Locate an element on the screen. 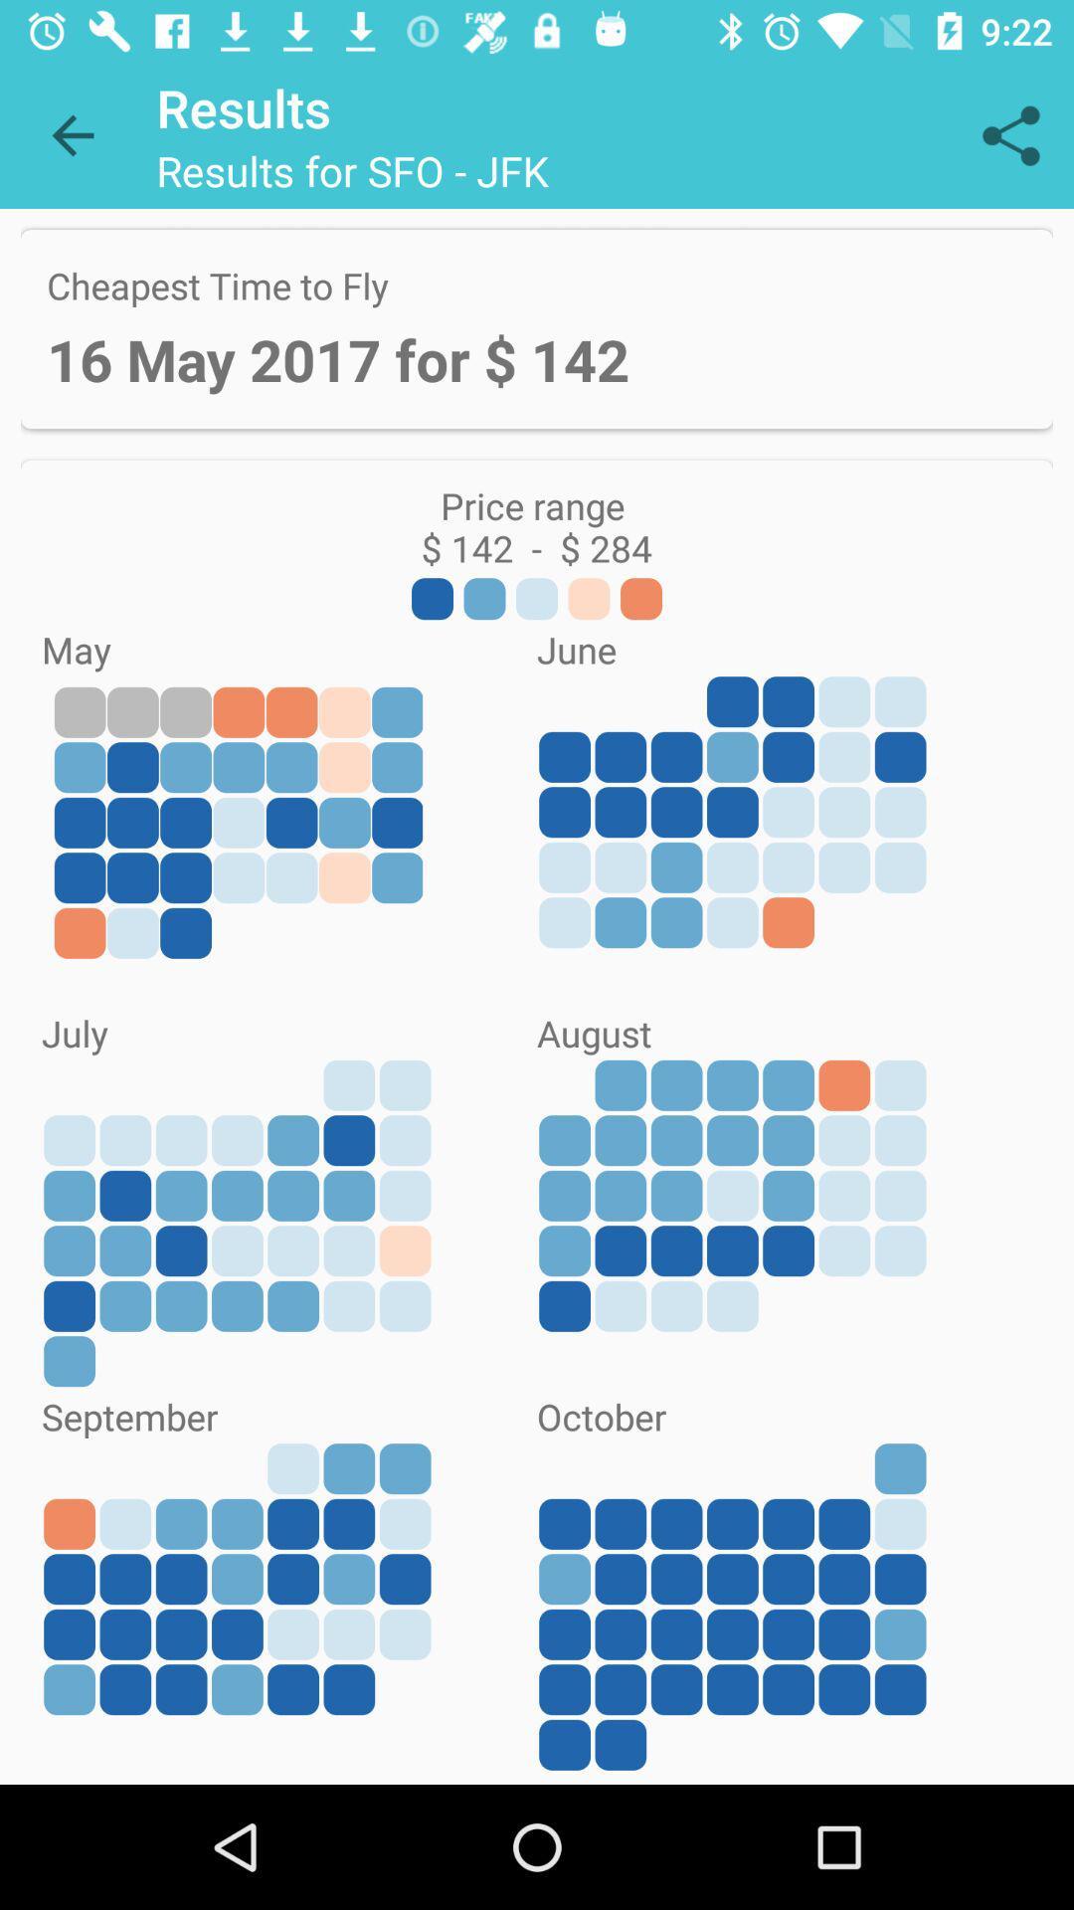  item above the cheapest time to item is located at coordinates (1011, 134).